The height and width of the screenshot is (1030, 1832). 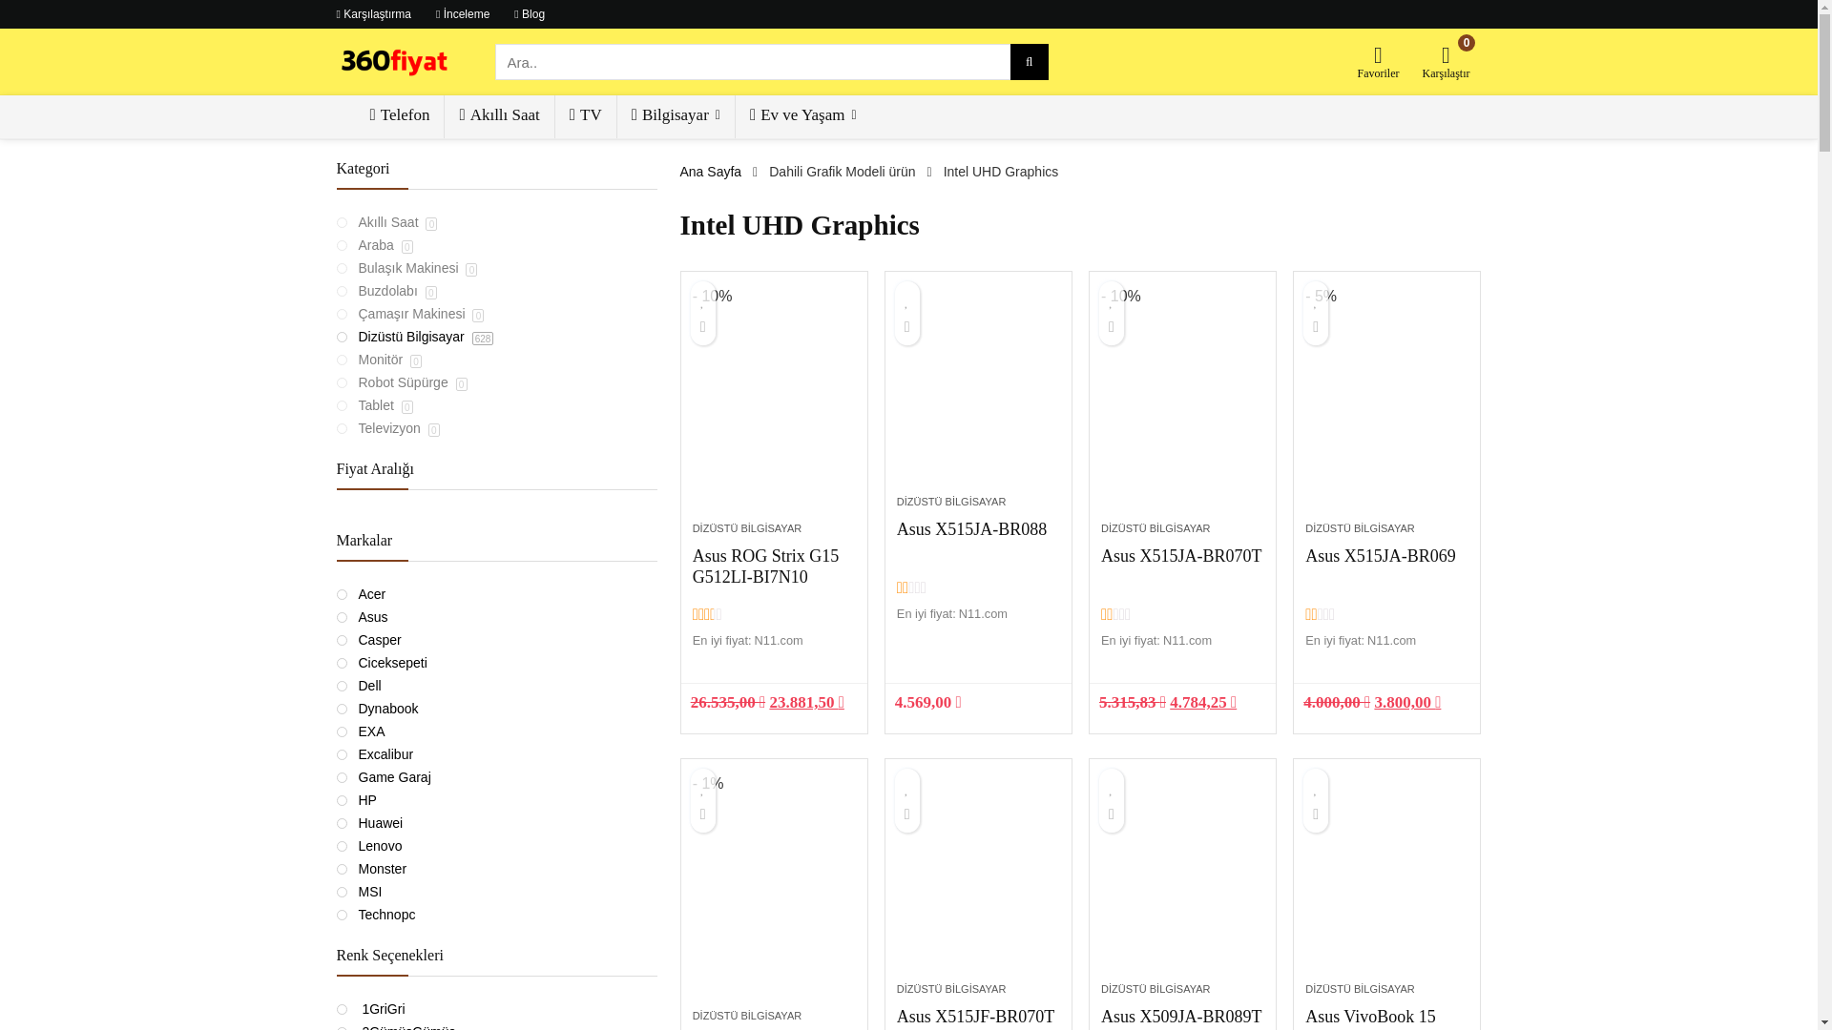 What do you see at coordinates (1380, 555) in the screenshot?
I see `'Asus X515JA-BR069'` at bounding box center [1380, 555].